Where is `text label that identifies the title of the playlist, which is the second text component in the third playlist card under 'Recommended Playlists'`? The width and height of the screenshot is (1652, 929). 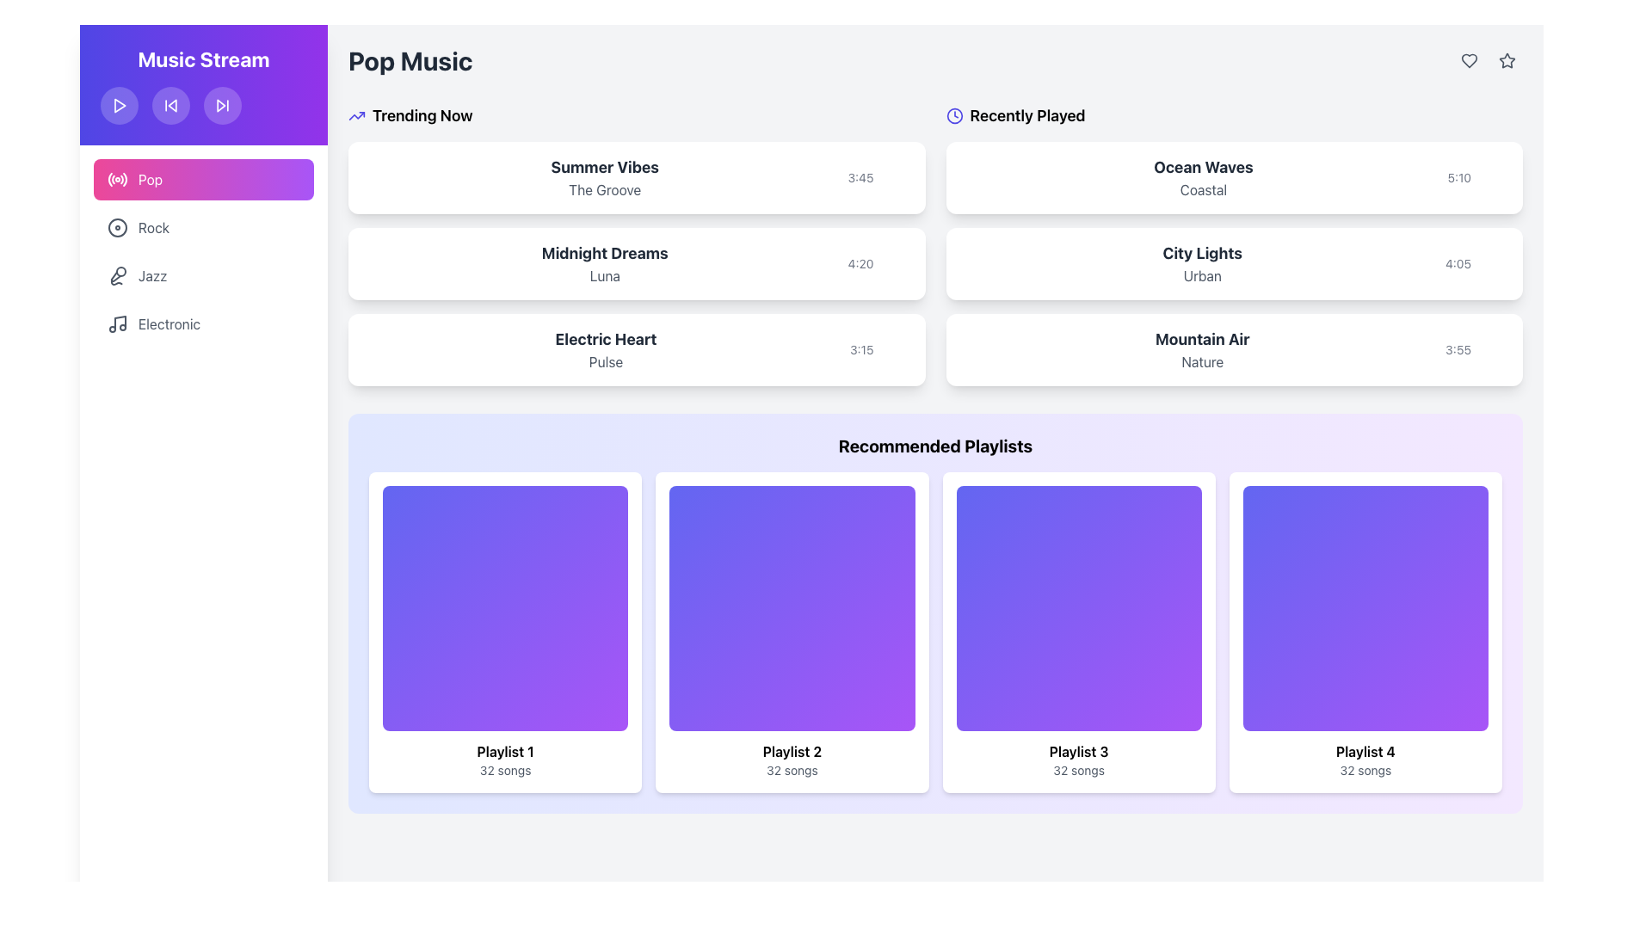 text label that identifies the title of the playlist, which is the second text component in the third playlist card under 'Recommended Playlists' is located at coordinates (1078, 751).